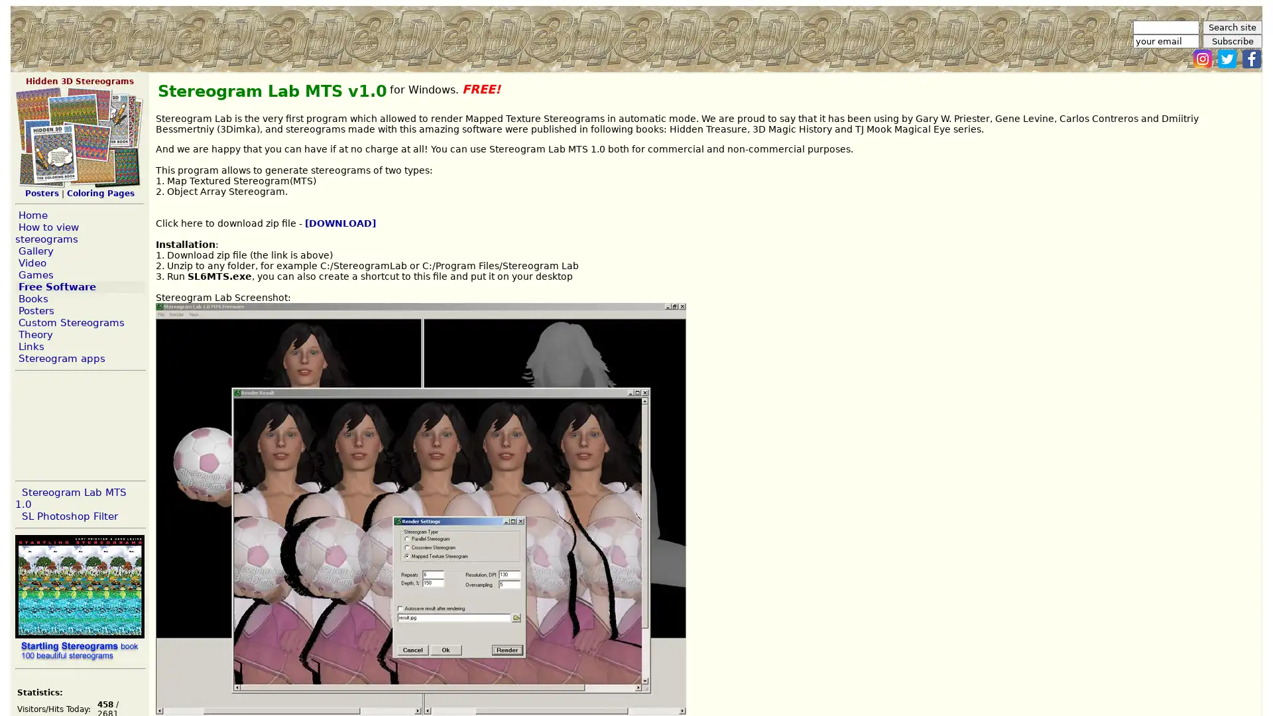 The image size is (1273, 716). Describe the element at coordinates (1231, 27) in the screenshot. I see `Search site` at that location.